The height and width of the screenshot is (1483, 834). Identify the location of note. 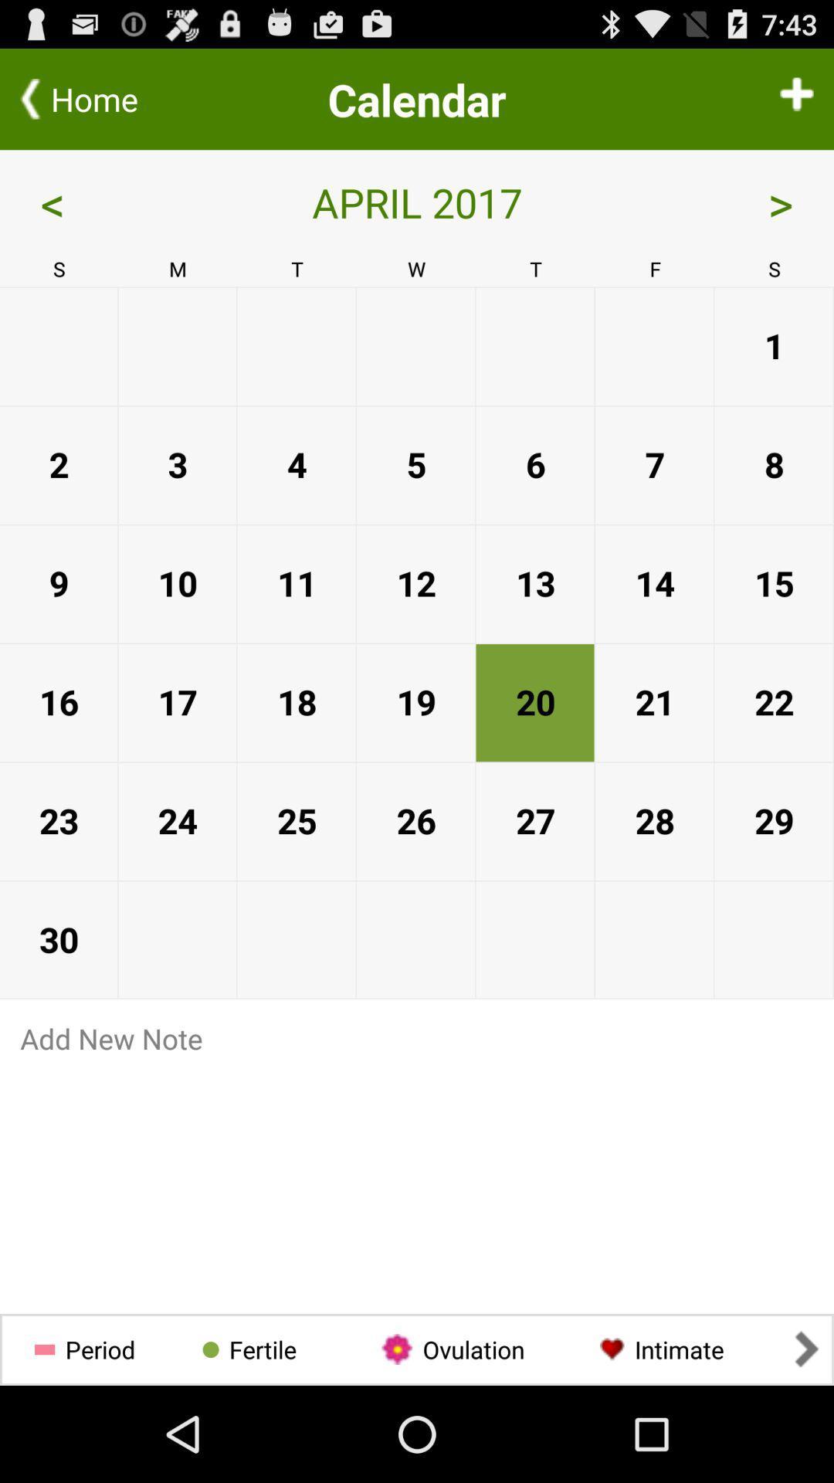
(417, 1178).